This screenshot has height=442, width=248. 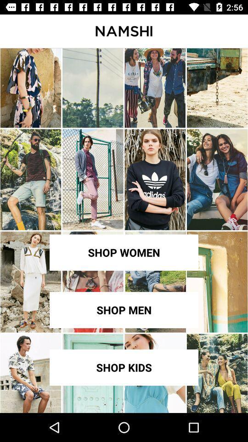 I want to click on shop women, so click(x=124, y=252).